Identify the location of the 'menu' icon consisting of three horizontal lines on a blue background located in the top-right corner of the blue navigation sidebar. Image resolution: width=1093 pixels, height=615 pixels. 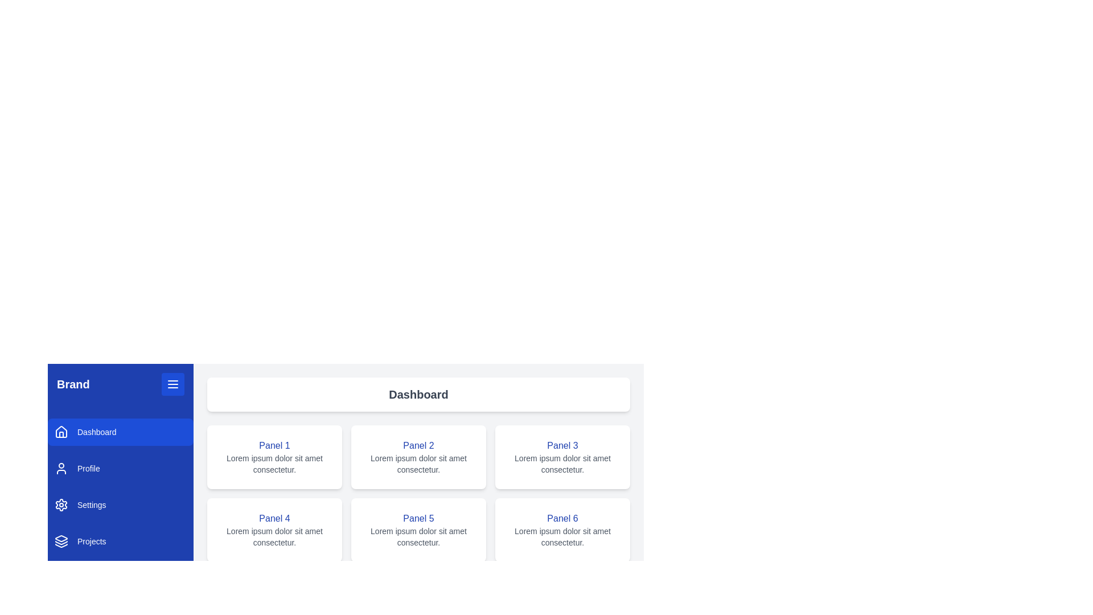
(172, 384).